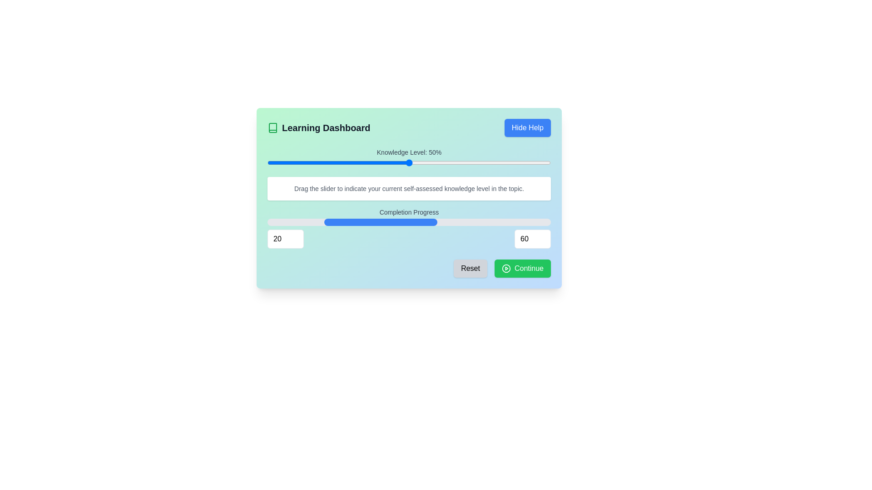 The height and width of the screenshot is (490, 872). What do you see at coordinates (471, 268) in the screenshot?
I see `the 'Reset' button located at the bottom-right of the interface` at bounding box center [471, 268].